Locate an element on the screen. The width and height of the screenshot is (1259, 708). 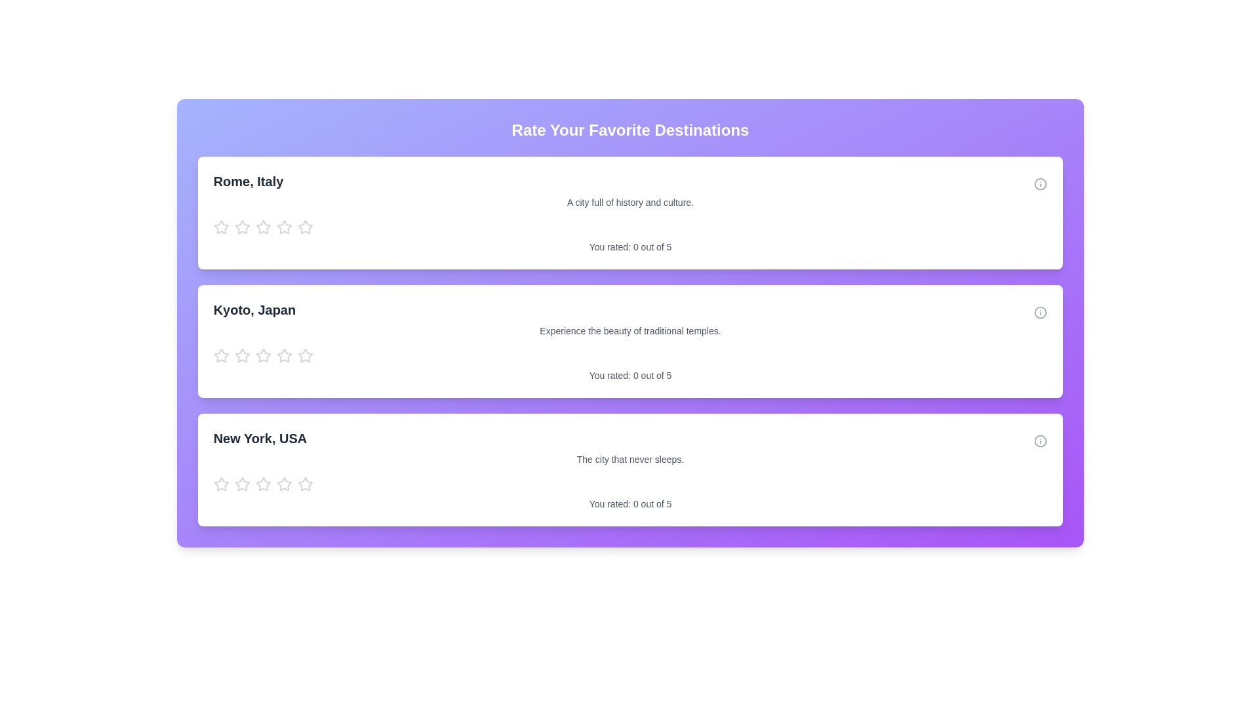
the second star icon in the rating component below the 'New York, USA' section to give a rating is located at coordinates (262, 484).